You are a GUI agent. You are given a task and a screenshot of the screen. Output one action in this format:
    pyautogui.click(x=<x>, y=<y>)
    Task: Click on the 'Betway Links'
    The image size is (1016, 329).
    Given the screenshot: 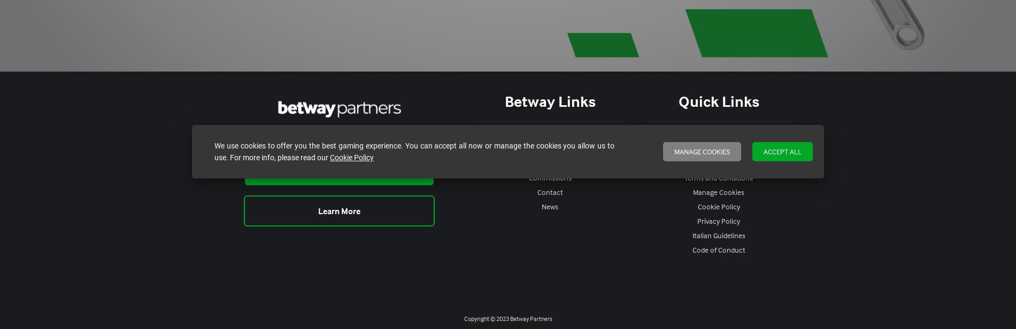 What is the action you would take?
    pyautogui.click(x=550, y=100)
    